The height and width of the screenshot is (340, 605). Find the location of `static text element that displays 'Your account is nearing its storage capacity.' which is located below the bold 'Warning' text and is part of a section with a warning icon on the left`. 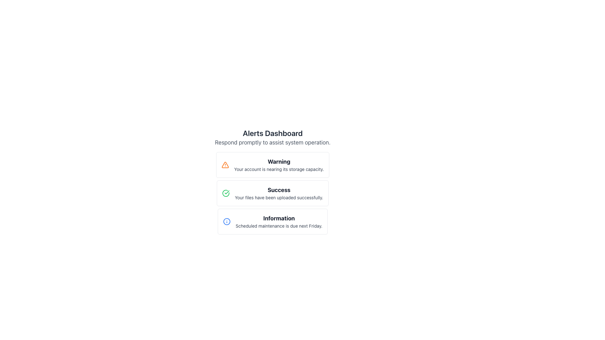

static text element that displays 'Your account is nearing its storage capacity.' which is located below the bold 'Warning' text and is part of a section with a warning icon on the left is located at coordinates (279, 169).